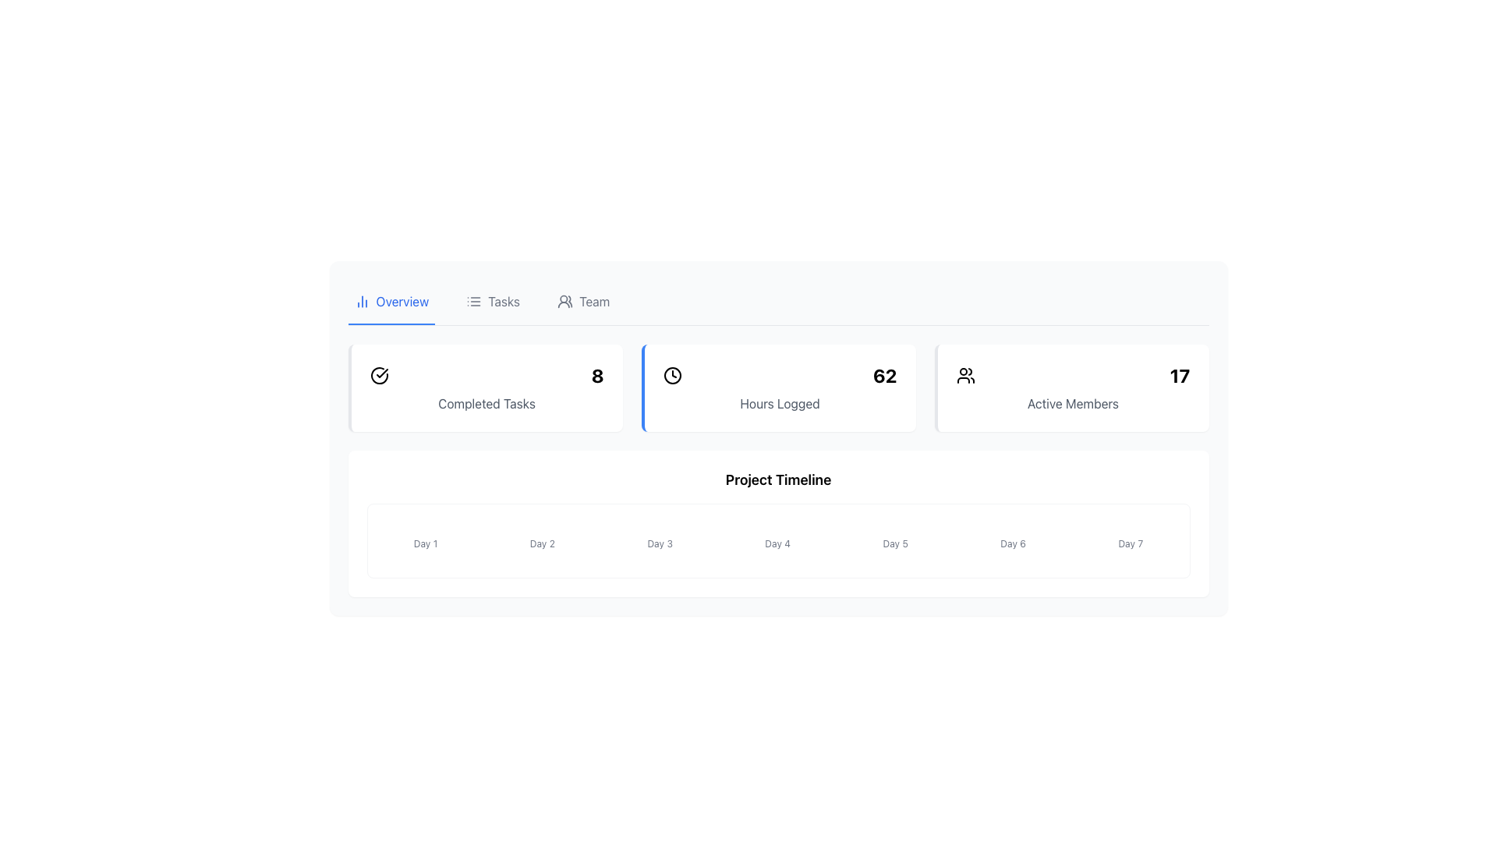 The height and width of the screenshot is (842, 1497). Describe the element at coordinates (672, 376) in the screenshot. I see `the clock icon in the 'Hours Logged' section, which is styled in a line art design and positioned beside the number 62` at that location.